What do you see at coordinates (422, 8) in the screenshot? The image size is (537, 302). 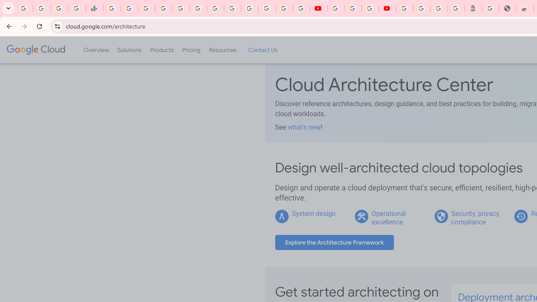 I see `'Sign in - Google Accounts'` at bounding box center [422, 8].